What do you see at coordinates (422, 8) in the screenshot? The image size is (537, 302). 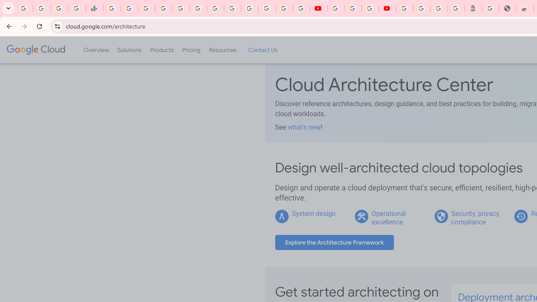 I see `'Sign in - Google Accounts'` at bounding box center [422, 8].